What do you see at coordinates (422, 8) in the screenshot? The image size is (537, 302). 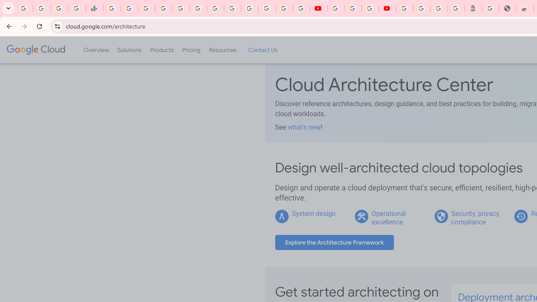 I see `'Sign in - Google Accounts'` at bounding box center [422, 8].